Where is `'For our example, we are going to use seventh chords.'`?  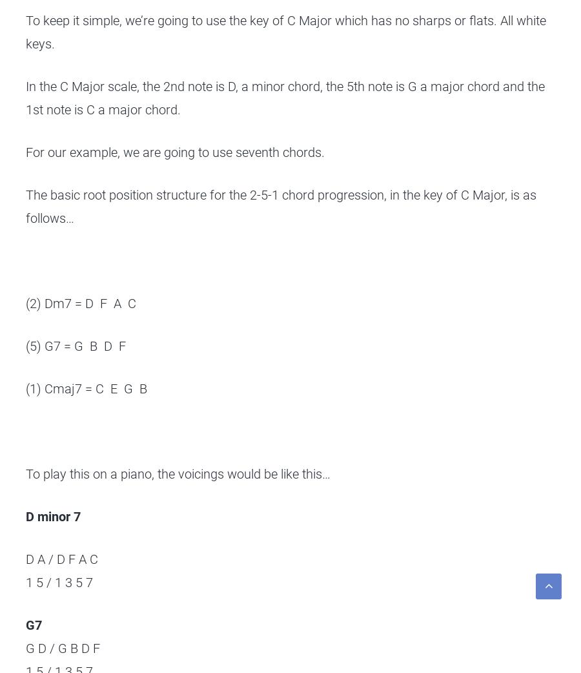 'For our example, we are going to use seventh chords.' is located at coordinates (25, 152).